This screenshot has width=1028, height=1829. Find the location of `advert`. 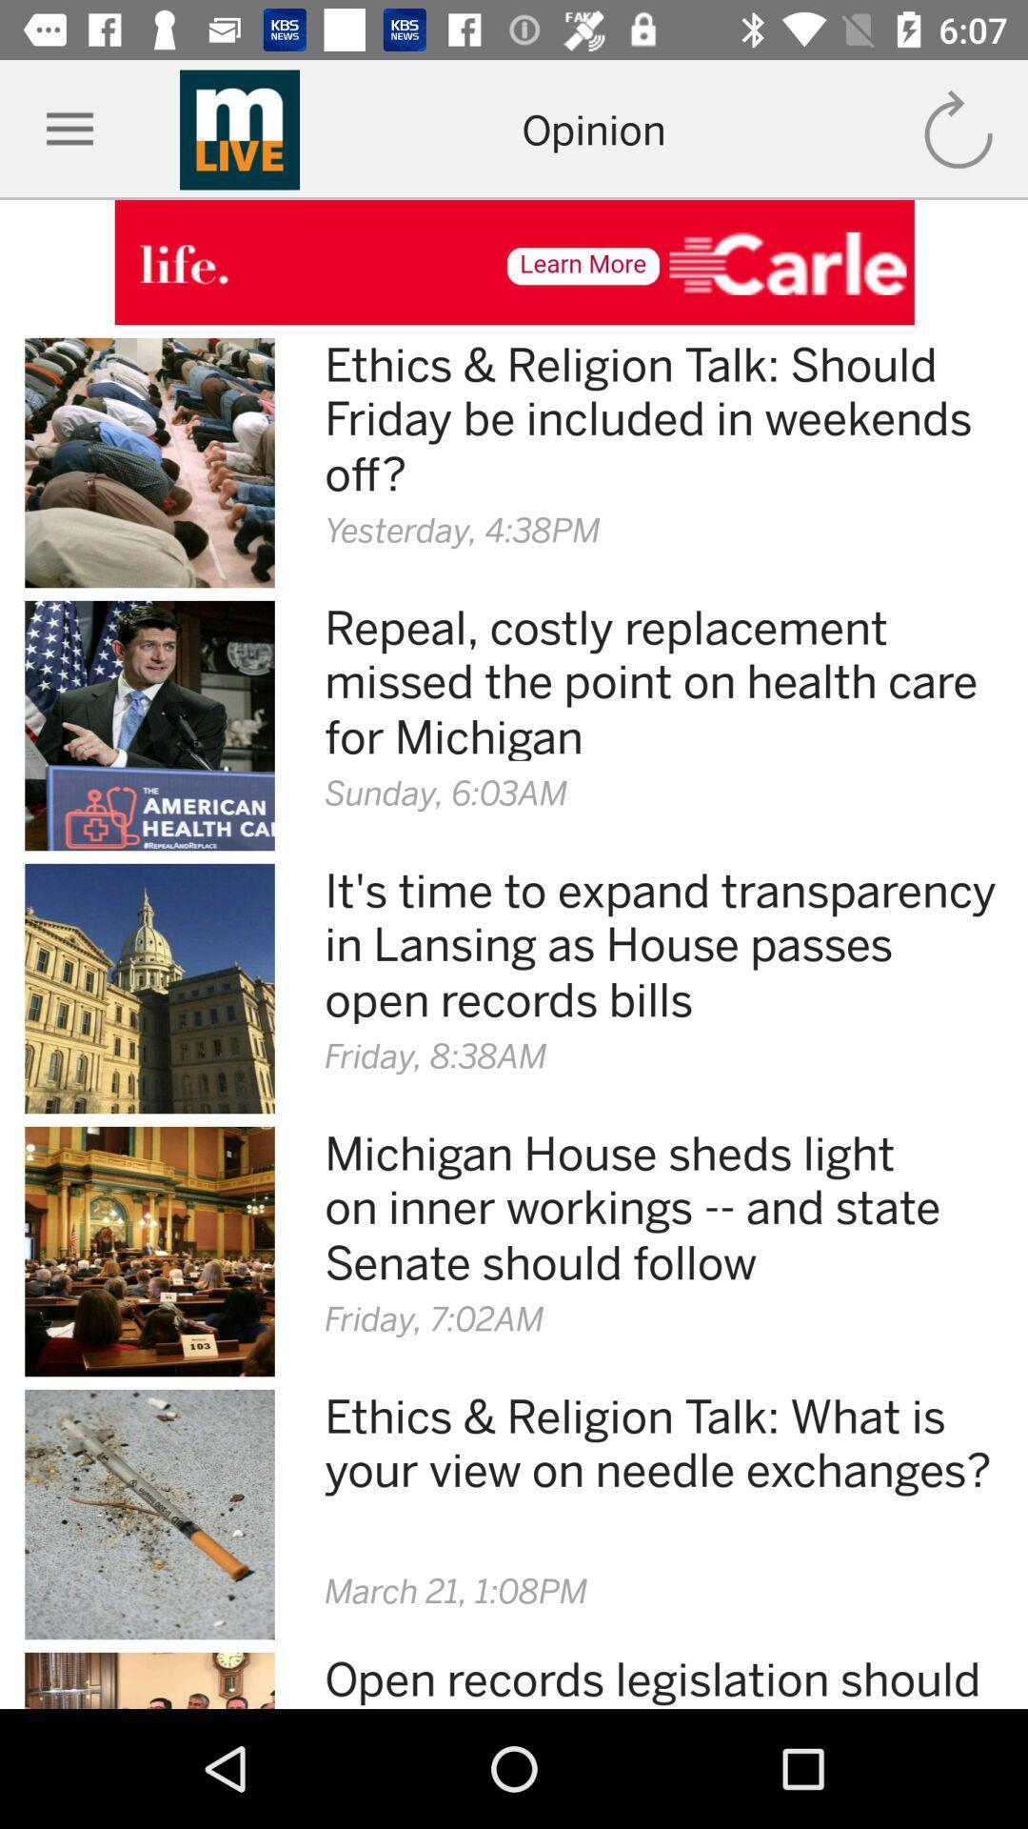

advert is located at coordinates (514, 261).